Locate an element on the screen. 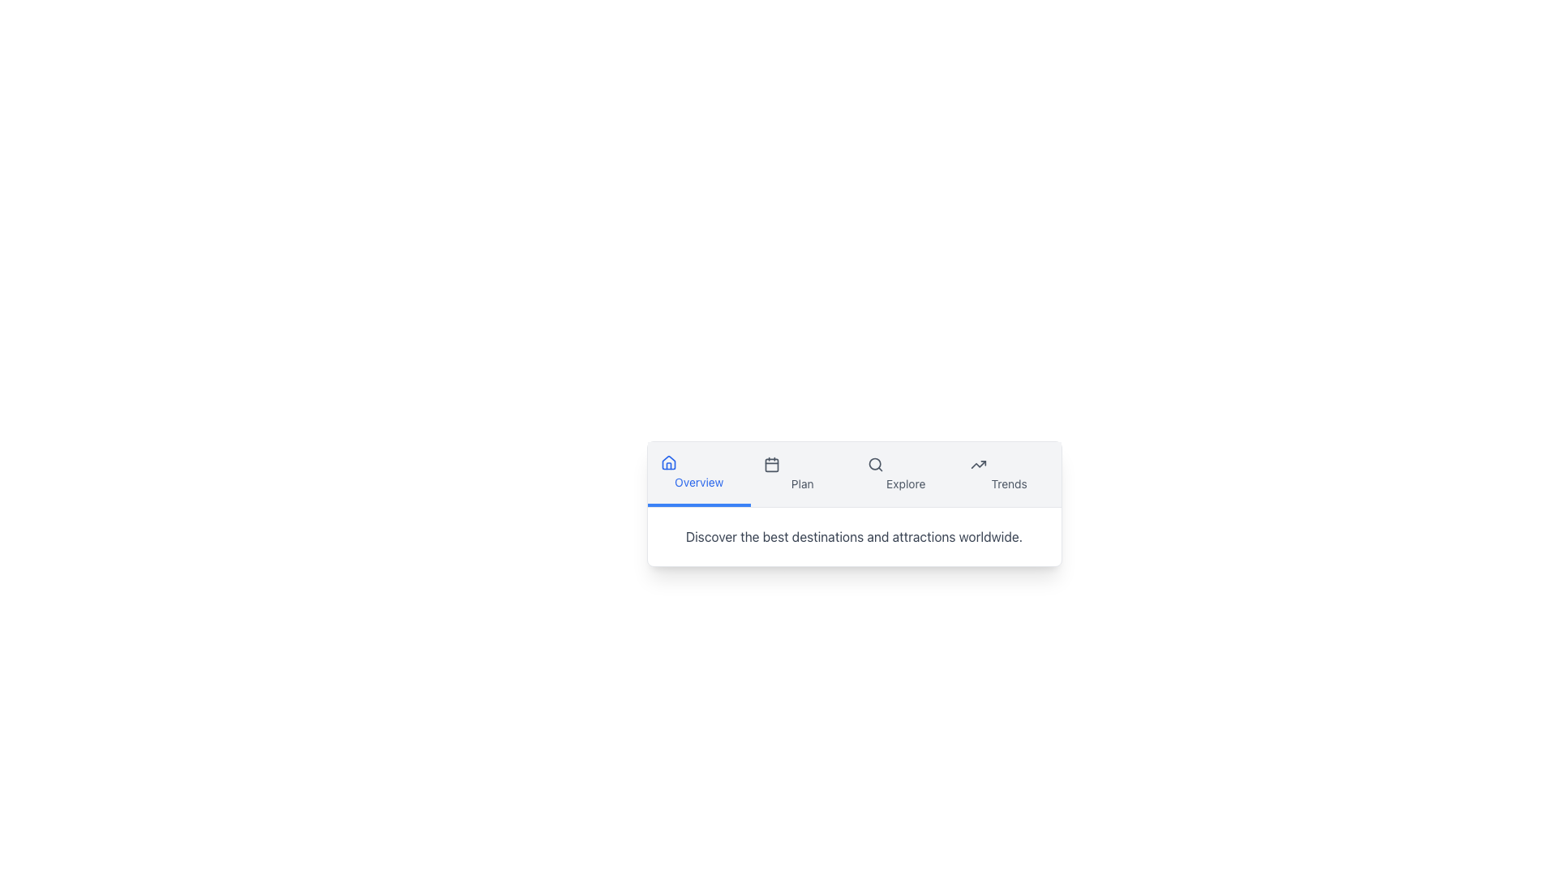  the last tab in the horizontal navigation menu is located at coordinates (1008, 474).